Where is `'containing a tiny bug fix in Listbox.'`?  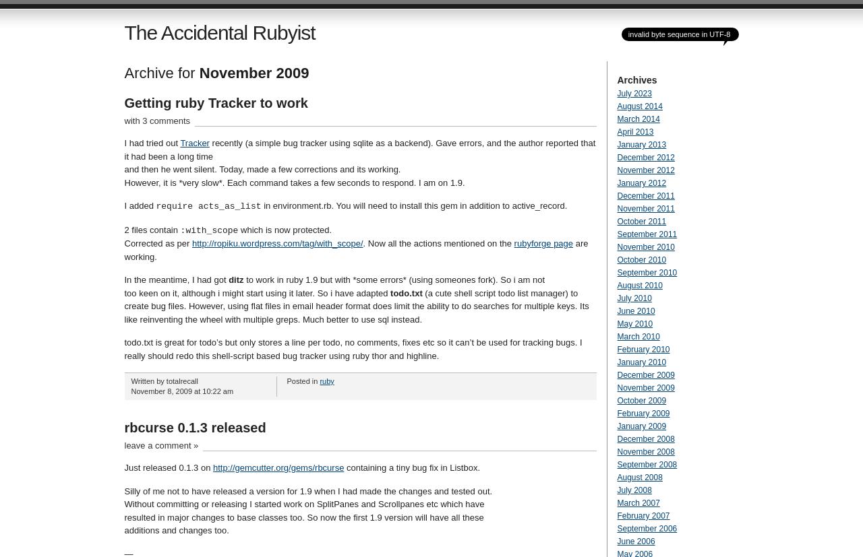
'containing a tiny bug fix in Listbox.' is located at coordinates (411, 467).